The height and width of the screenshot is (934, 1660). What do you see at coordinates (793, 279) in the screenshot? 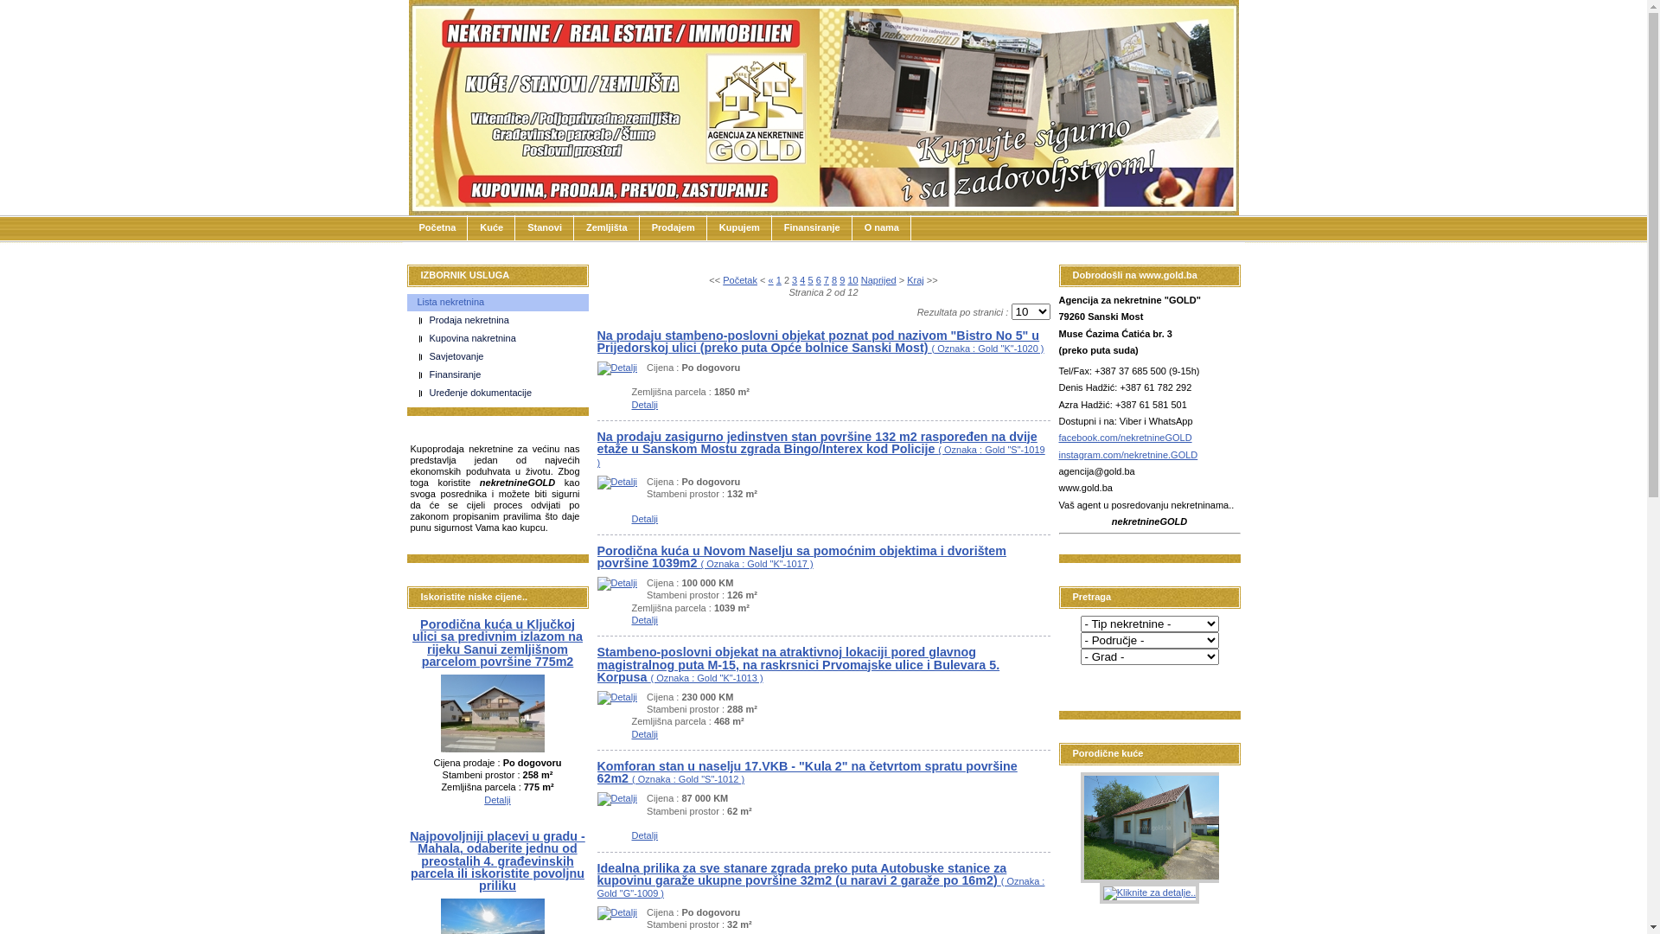
I see `'3'` at bounding box center [793, 279].